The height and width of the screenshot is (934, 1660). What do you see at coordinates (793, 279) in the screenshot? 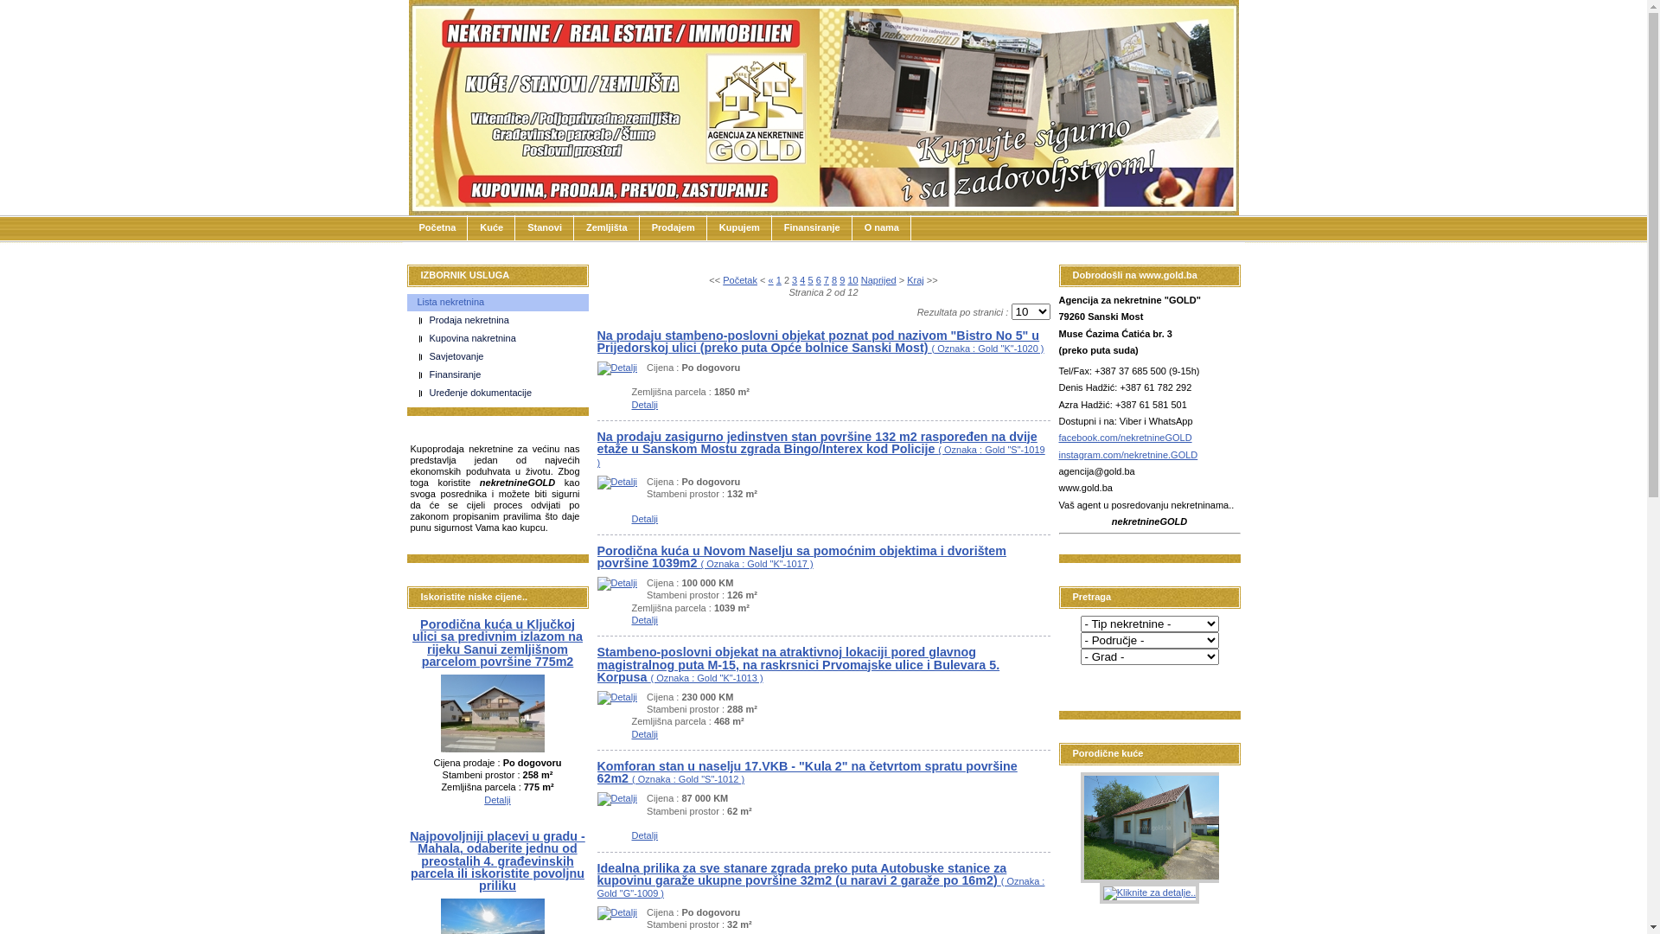
I see `'3'` at bounding box center [793, 279].